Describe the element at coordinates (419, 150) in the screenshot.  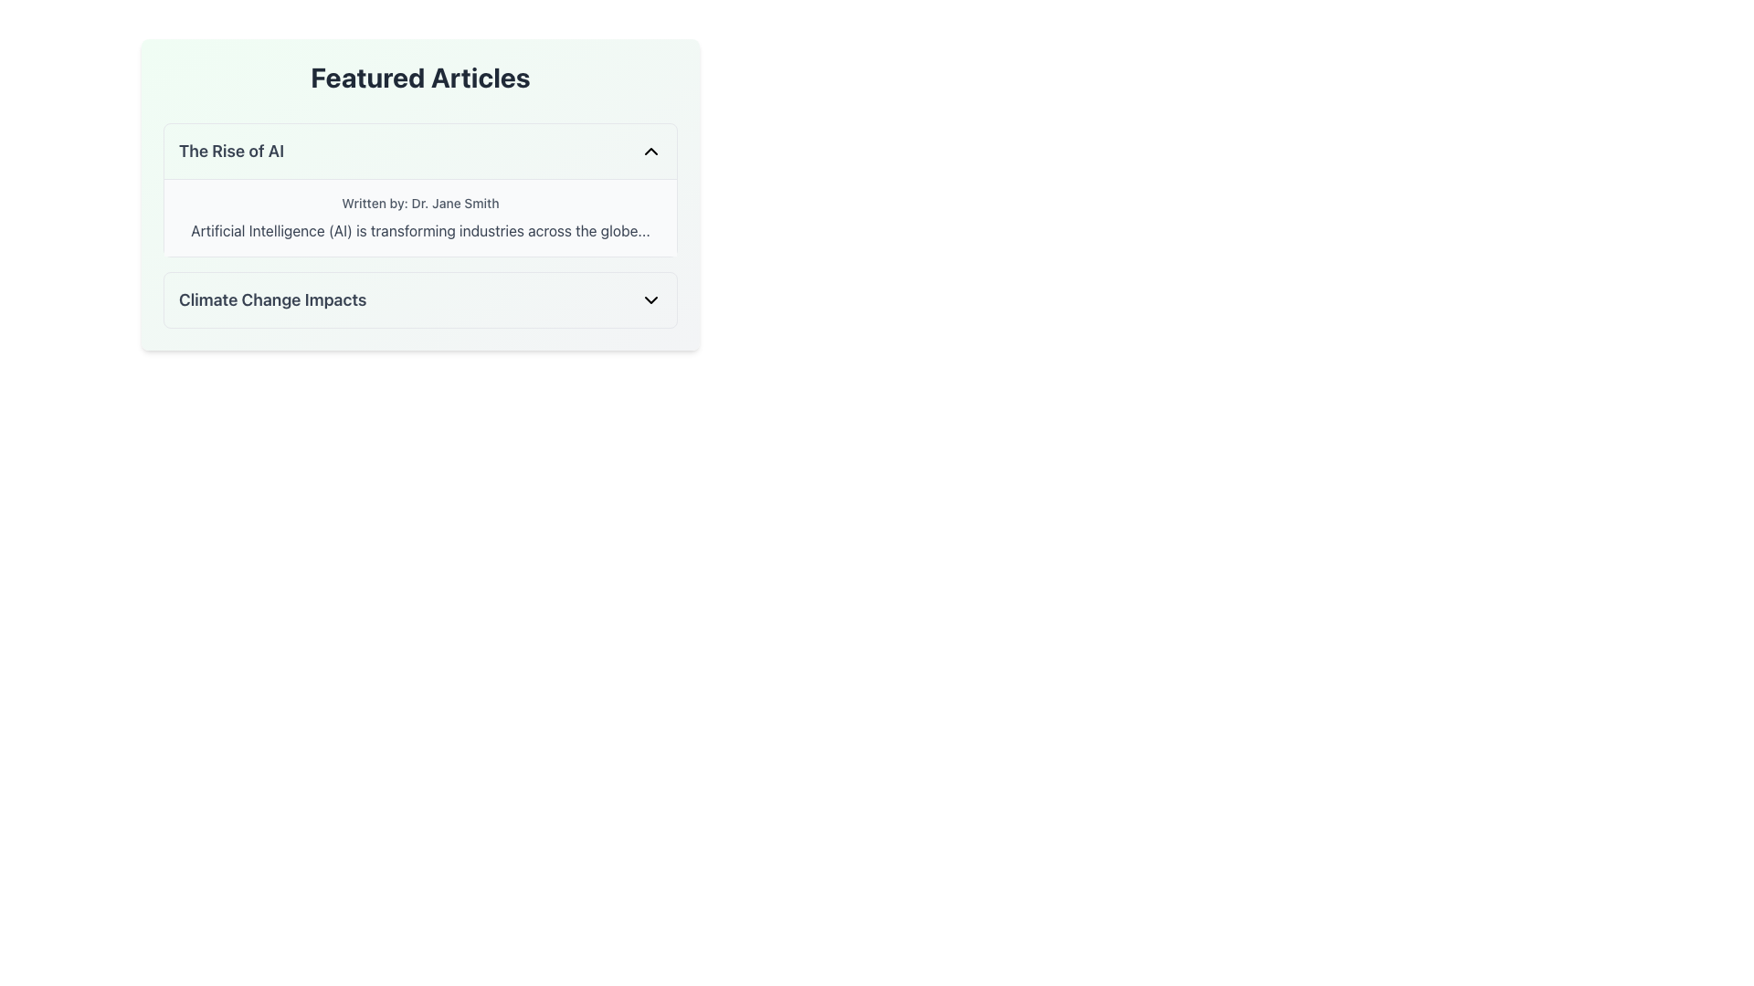
I see `the article title in the featured section` at that location.